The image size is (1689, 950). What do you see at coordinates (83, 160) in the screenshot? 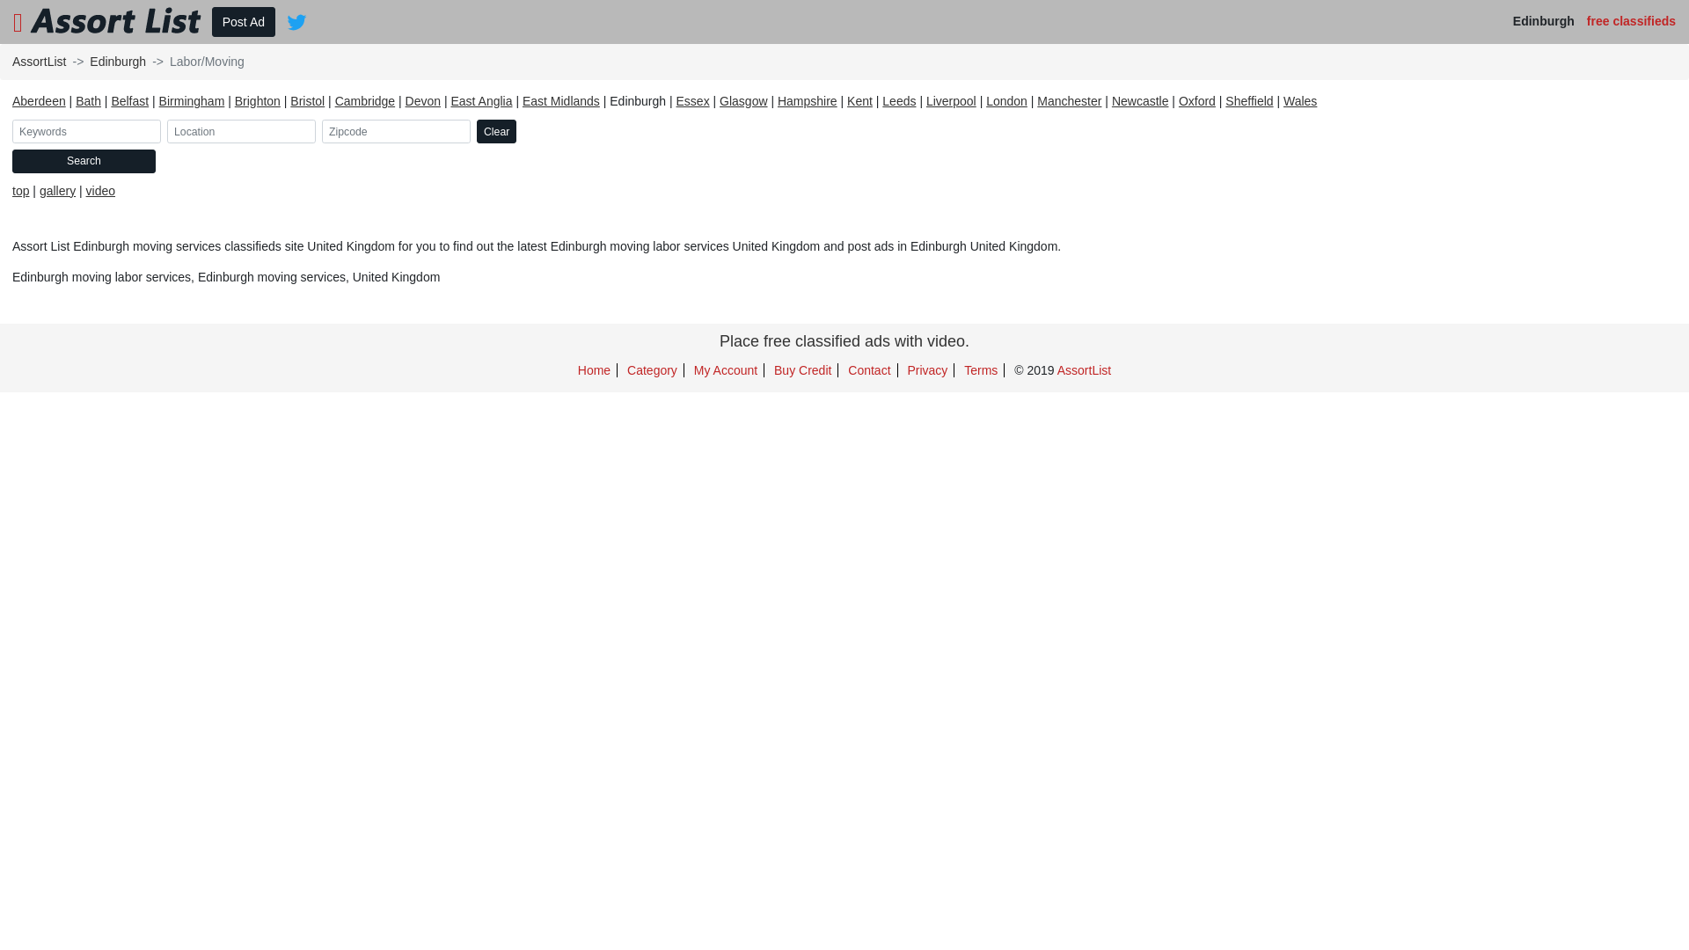
I see `'Search'` at bounding box center [83, 160].